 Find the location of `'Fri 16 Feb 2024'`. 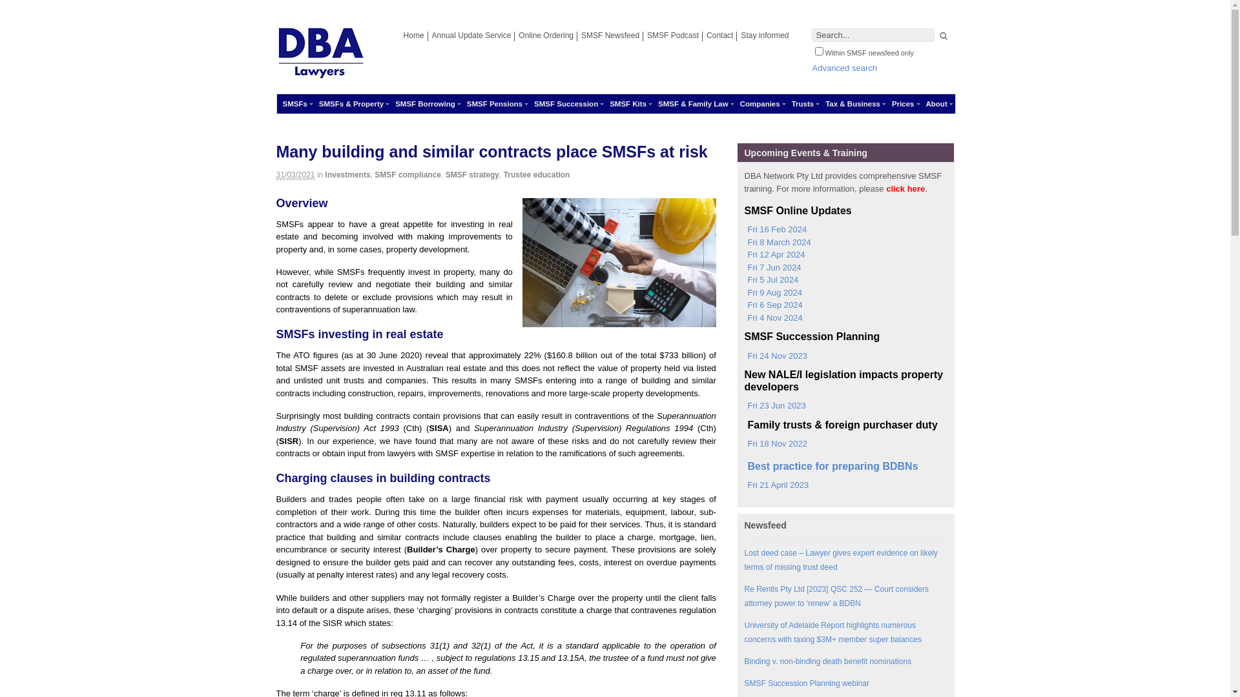

'Fri 16 Feb 2024' is located at coordinates (775, 228).